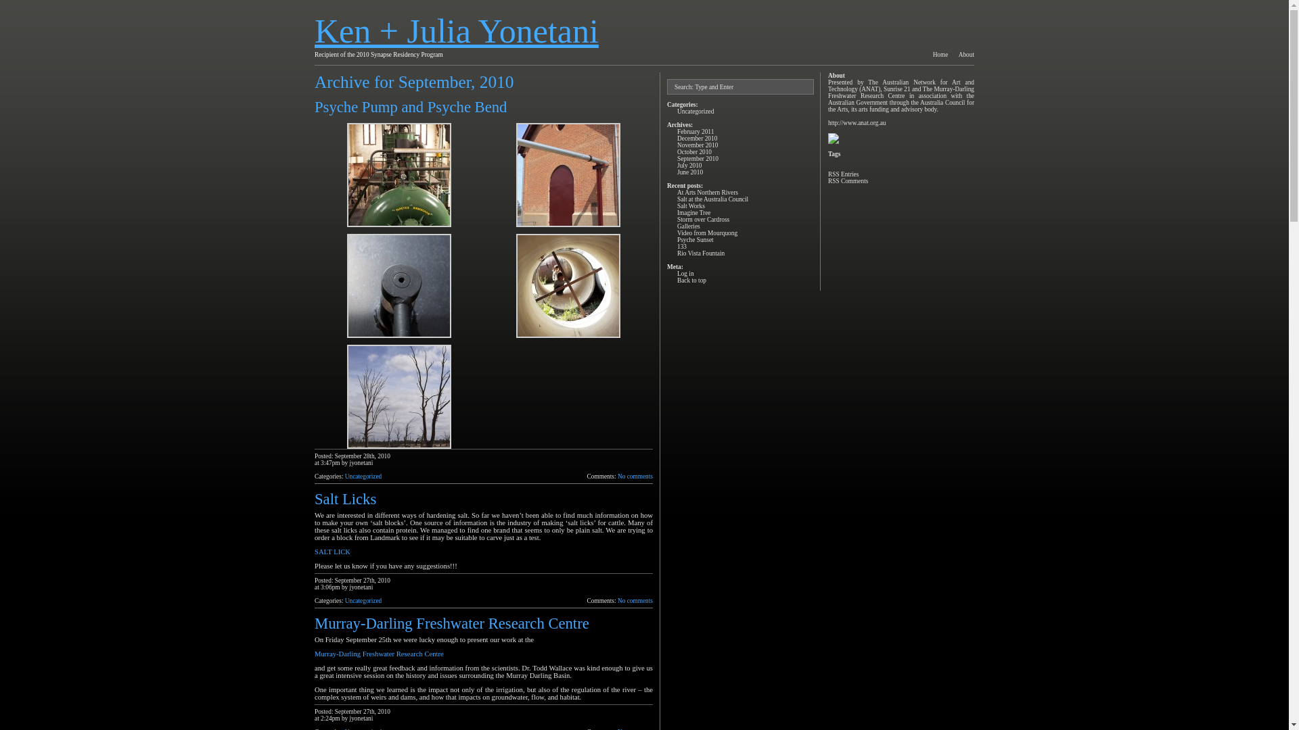  Describe the element at coordinates (691, 205) in the screenshot. I see `'Salt Works'` at that location.